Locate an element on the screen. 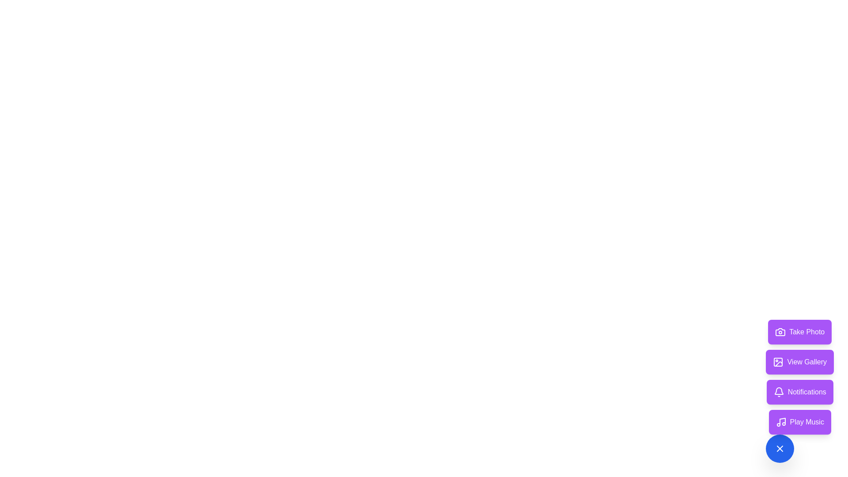 This screenshot has width=848, height=477. the Notifications button by clicking on the center of the button, which contains the Bell SVG icon is located at coordinates (779, 391).